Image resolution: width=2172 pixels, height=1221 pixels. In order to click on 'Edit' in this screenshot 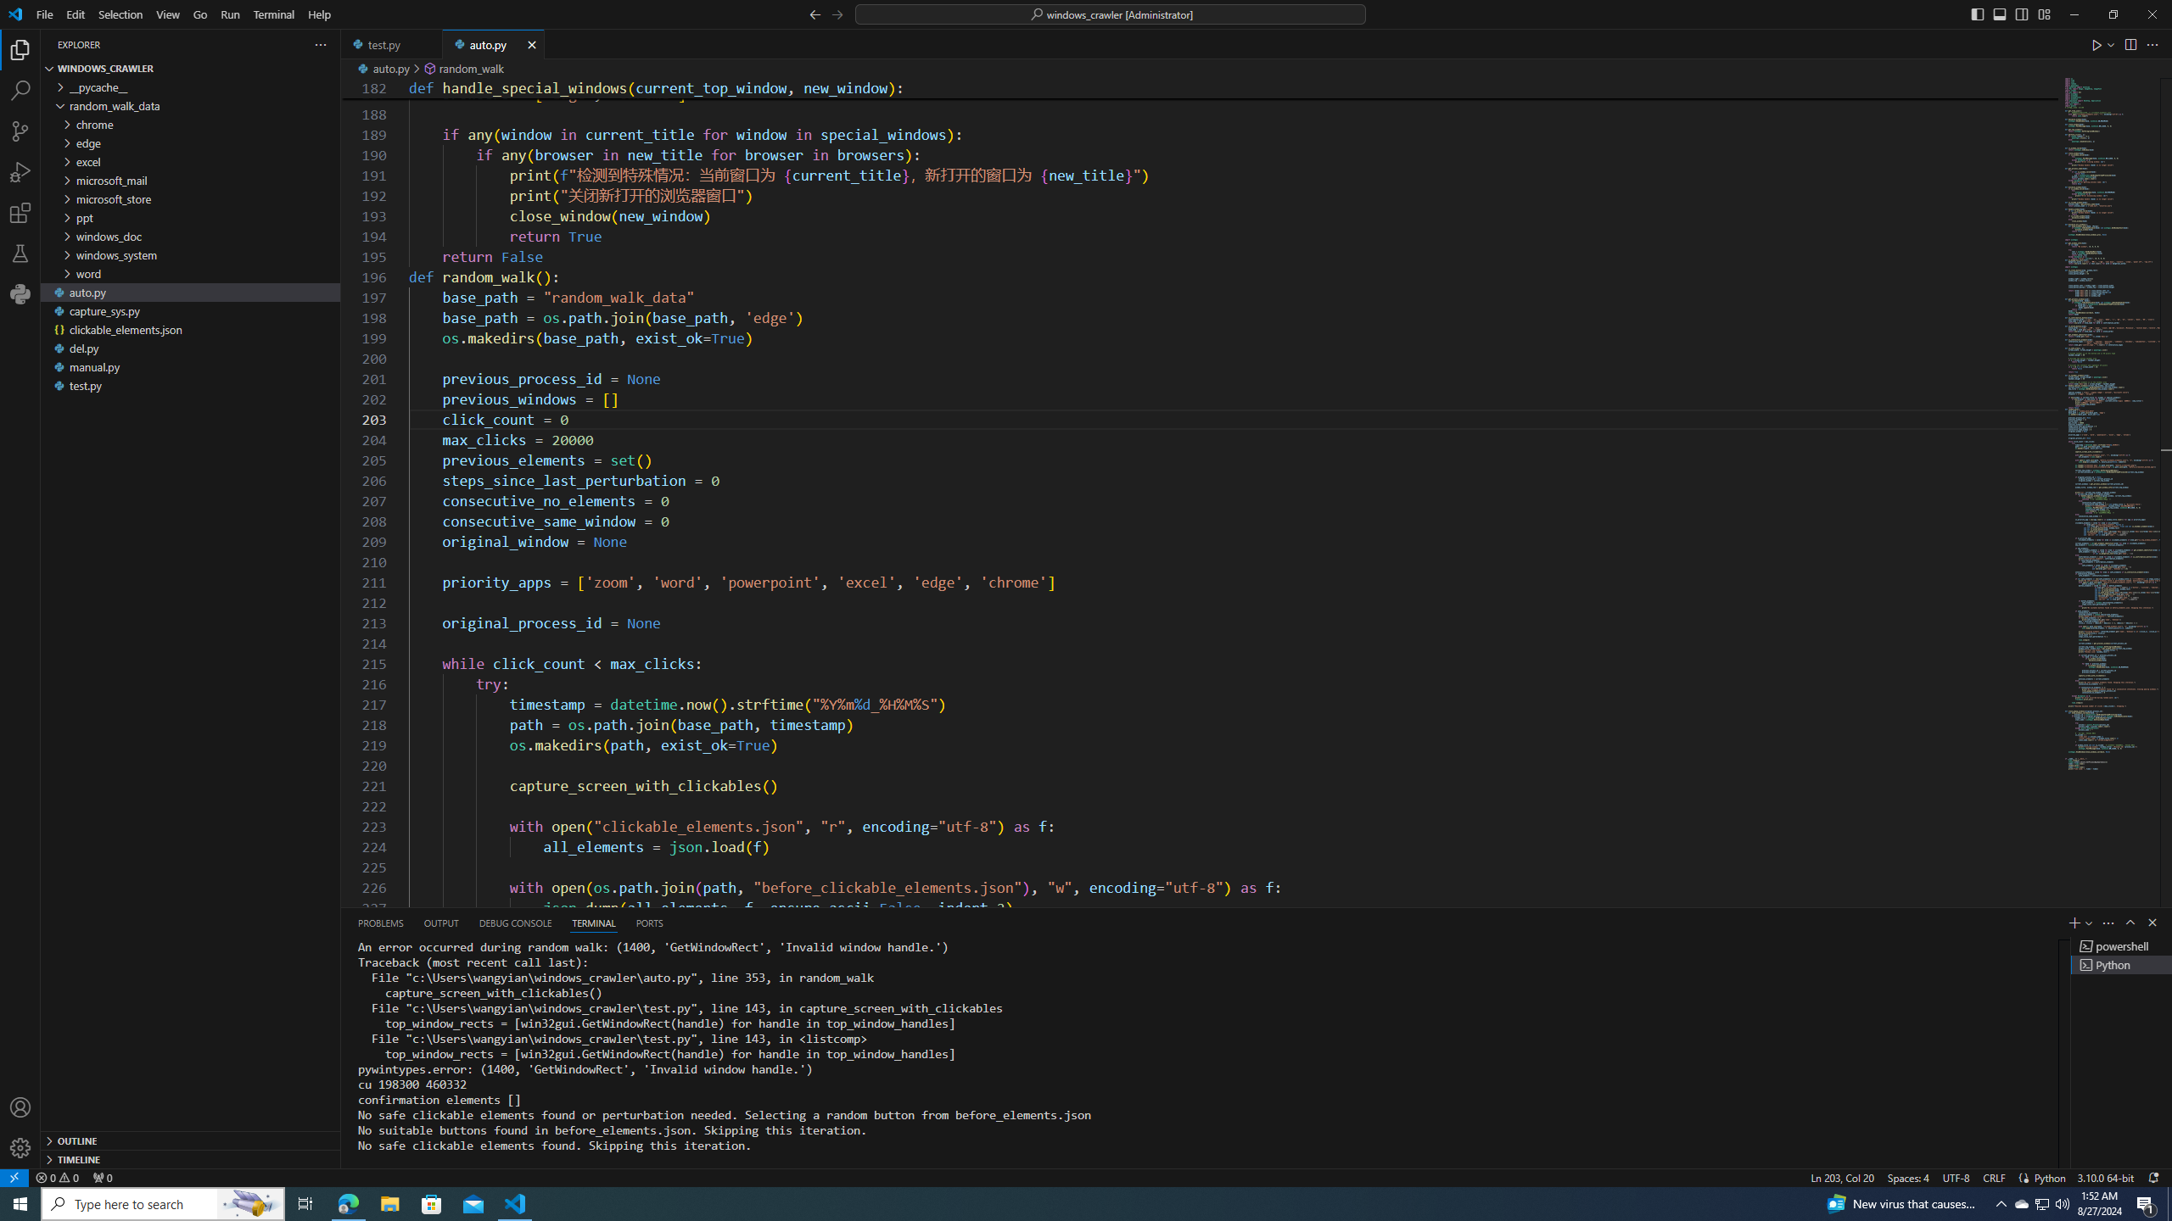, I will do `click(76, 14)`.